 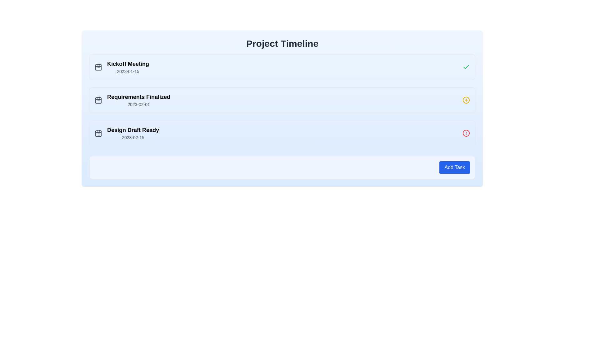 I want to click on the graphical highlight within the calendar icon next to the 'Kickoff Meeting' line item to indicate importance or selection, so click(x=98, y=67).